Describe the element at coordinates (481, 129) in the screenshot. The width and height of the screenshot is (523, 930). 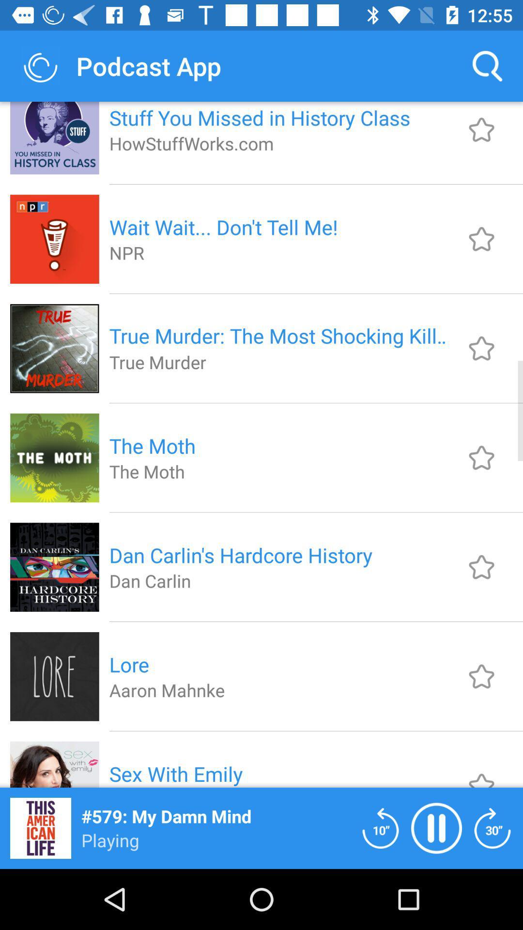
I see `star` at that location.